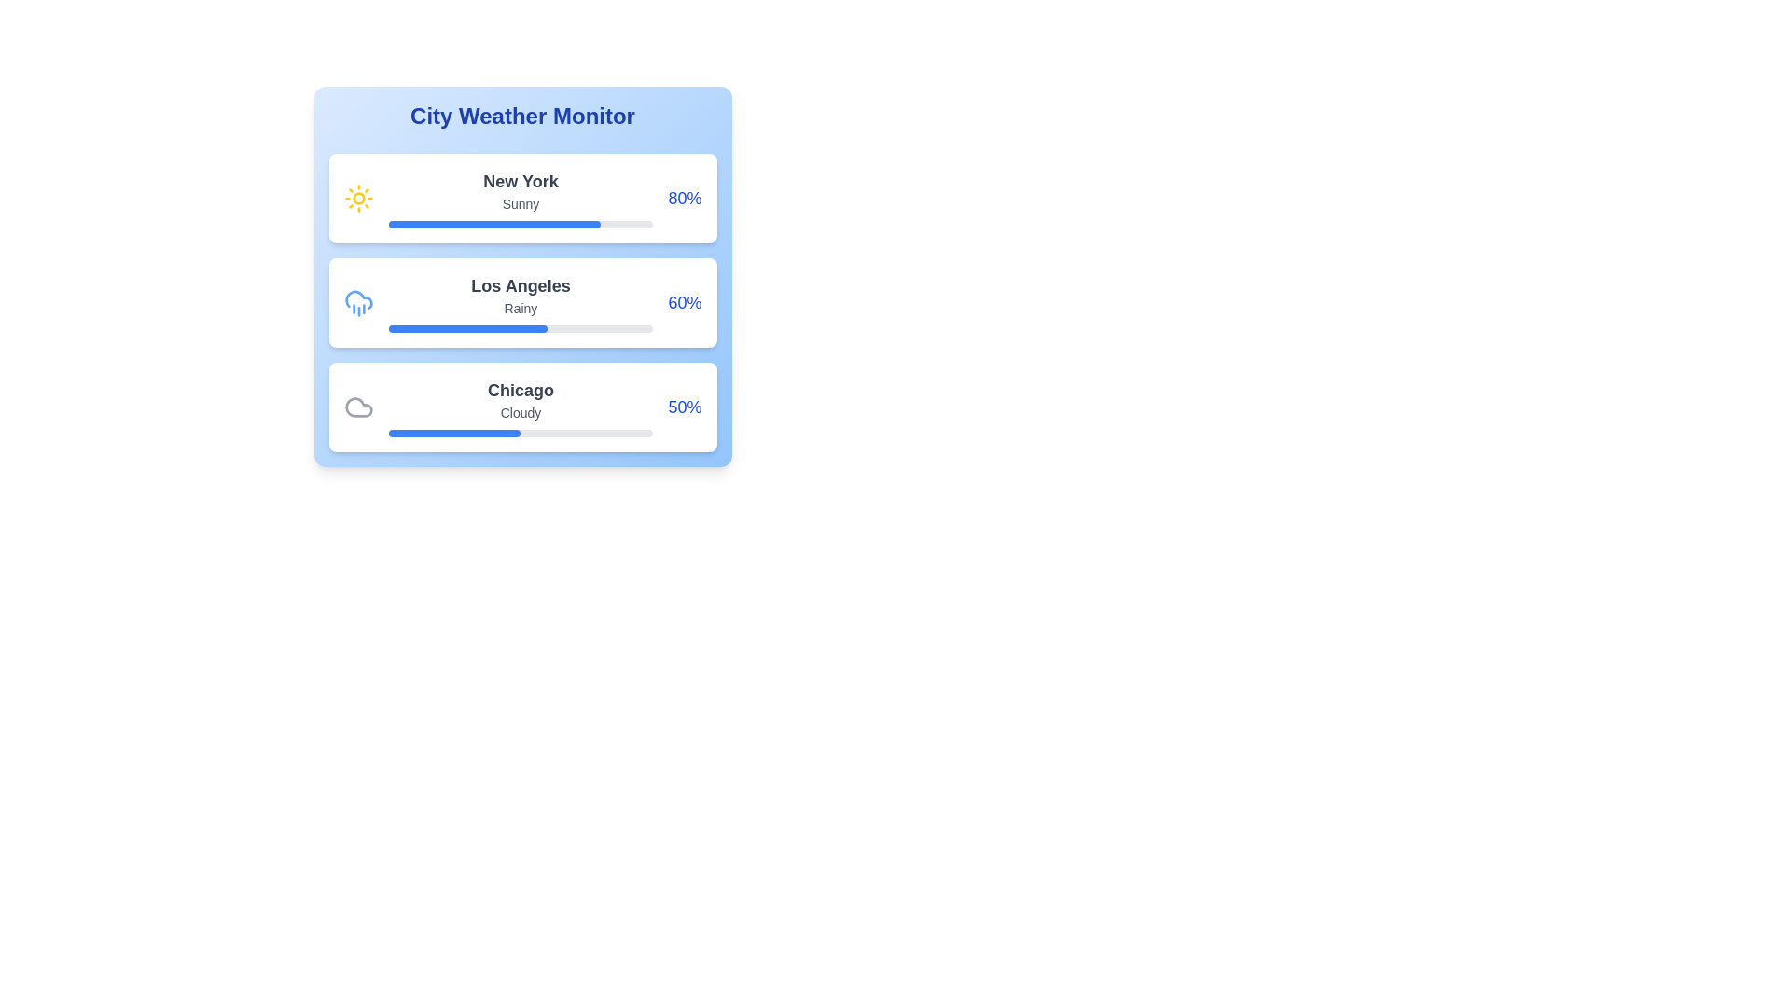 The image size is (1791, 1007). Describe the element at coordinates (521, 286) in the screenshot. I see `text displayed in the bold label saying 'Los Angeles', which is part of the weather information card for the city` at that location.